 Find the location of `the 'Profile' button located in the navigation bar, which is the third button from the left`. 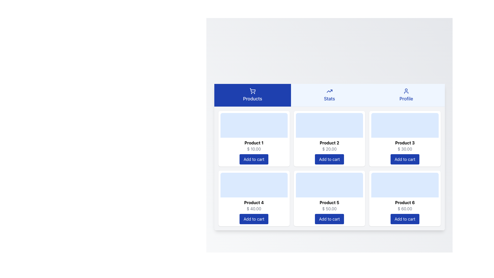

the 'Profile' button located in the navigation bar, which is the third button from the left is located at coordinates (406, 95).